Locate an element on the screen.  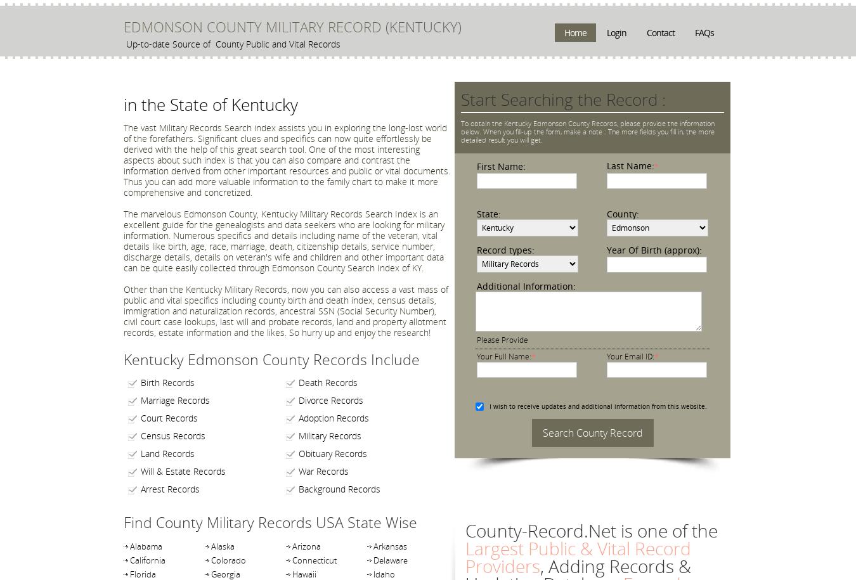
'To obtain the Kentucky Edmonson County Records, please provide the information below. When you fill-up the form, make a note : The more fields you fill in, the more detailed result you will get.' is located at coordinates (587, 131).